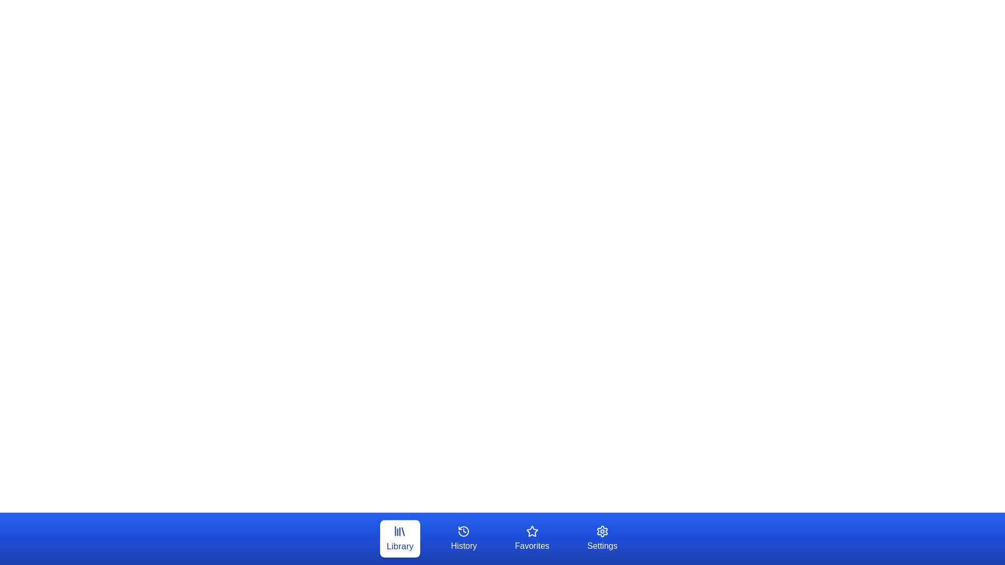  Describe the element at coordinates (532, 538) in the screenshot. I see `the tab labeled Favorites` at that location.